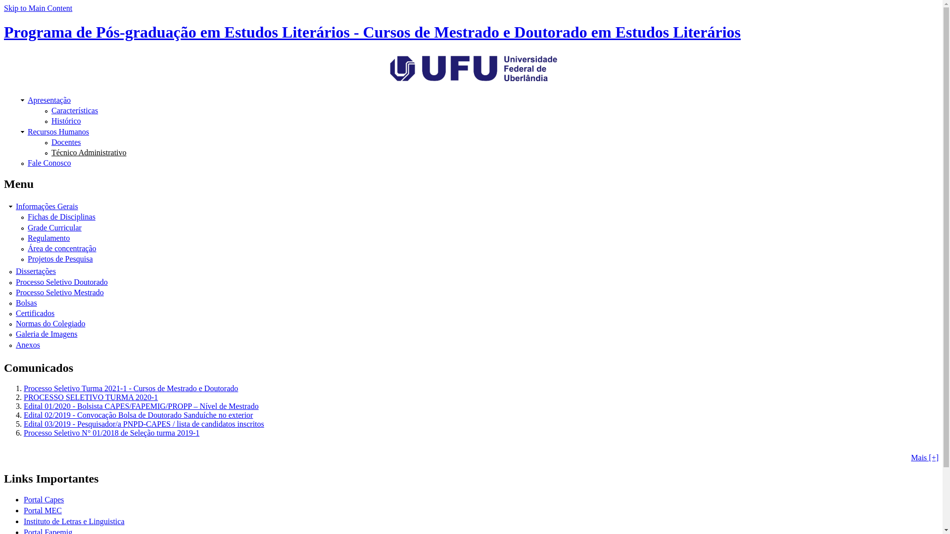  Describe the element at coordinates (91, 397) in the screenshot. I see `'PROCESSO SELETIVO TURMA 2020-1'` at that location.